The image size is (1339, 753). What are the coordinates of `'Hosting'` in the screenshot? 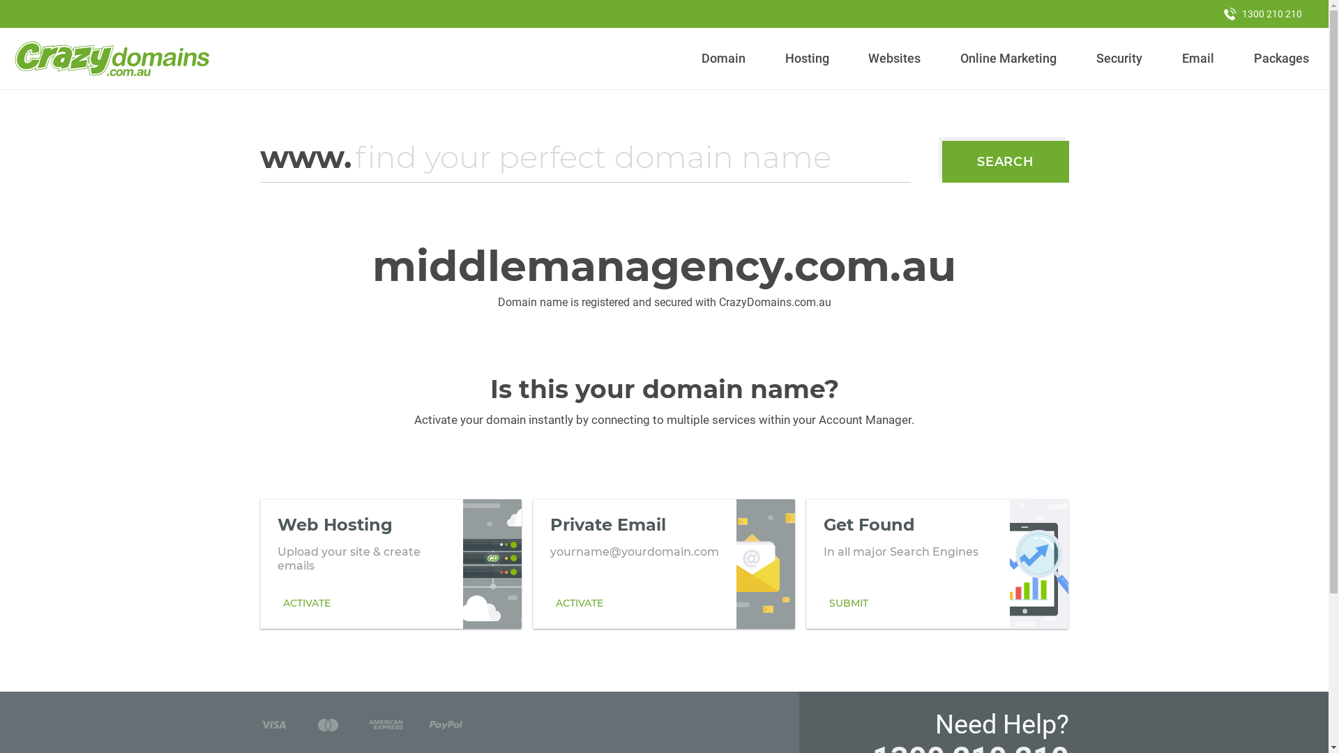 It's located at (806, 58).